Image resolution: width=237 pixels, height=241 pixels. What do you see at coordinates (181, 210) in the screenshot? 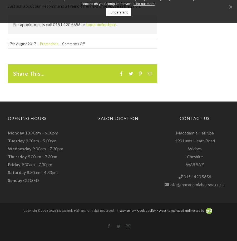
I see `'Website managed and hosted by'` at bounding box center [181, 210].